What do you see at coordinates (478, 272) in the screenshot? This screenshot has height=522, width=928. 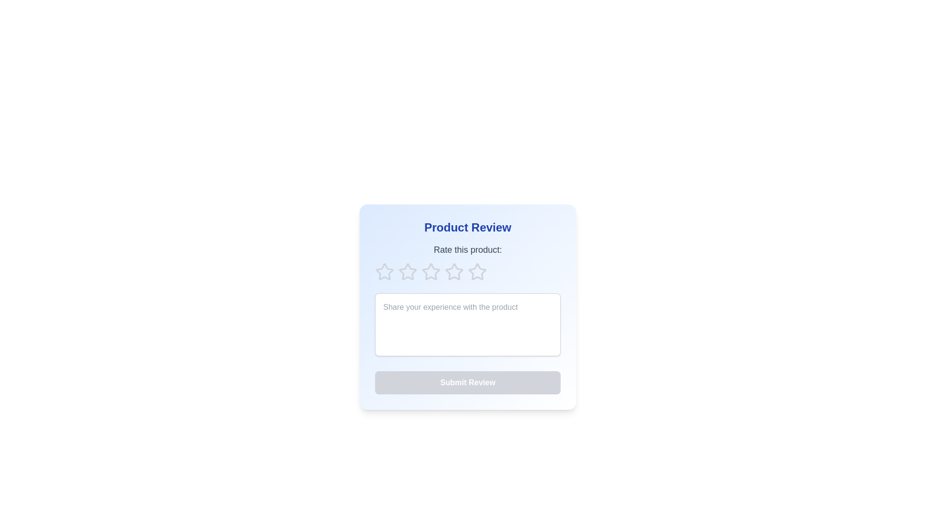 I see `the fifth hollow star-shaped rating icon, which is located below the 'Rate this product:' heading` at bounding box center [478, 272].